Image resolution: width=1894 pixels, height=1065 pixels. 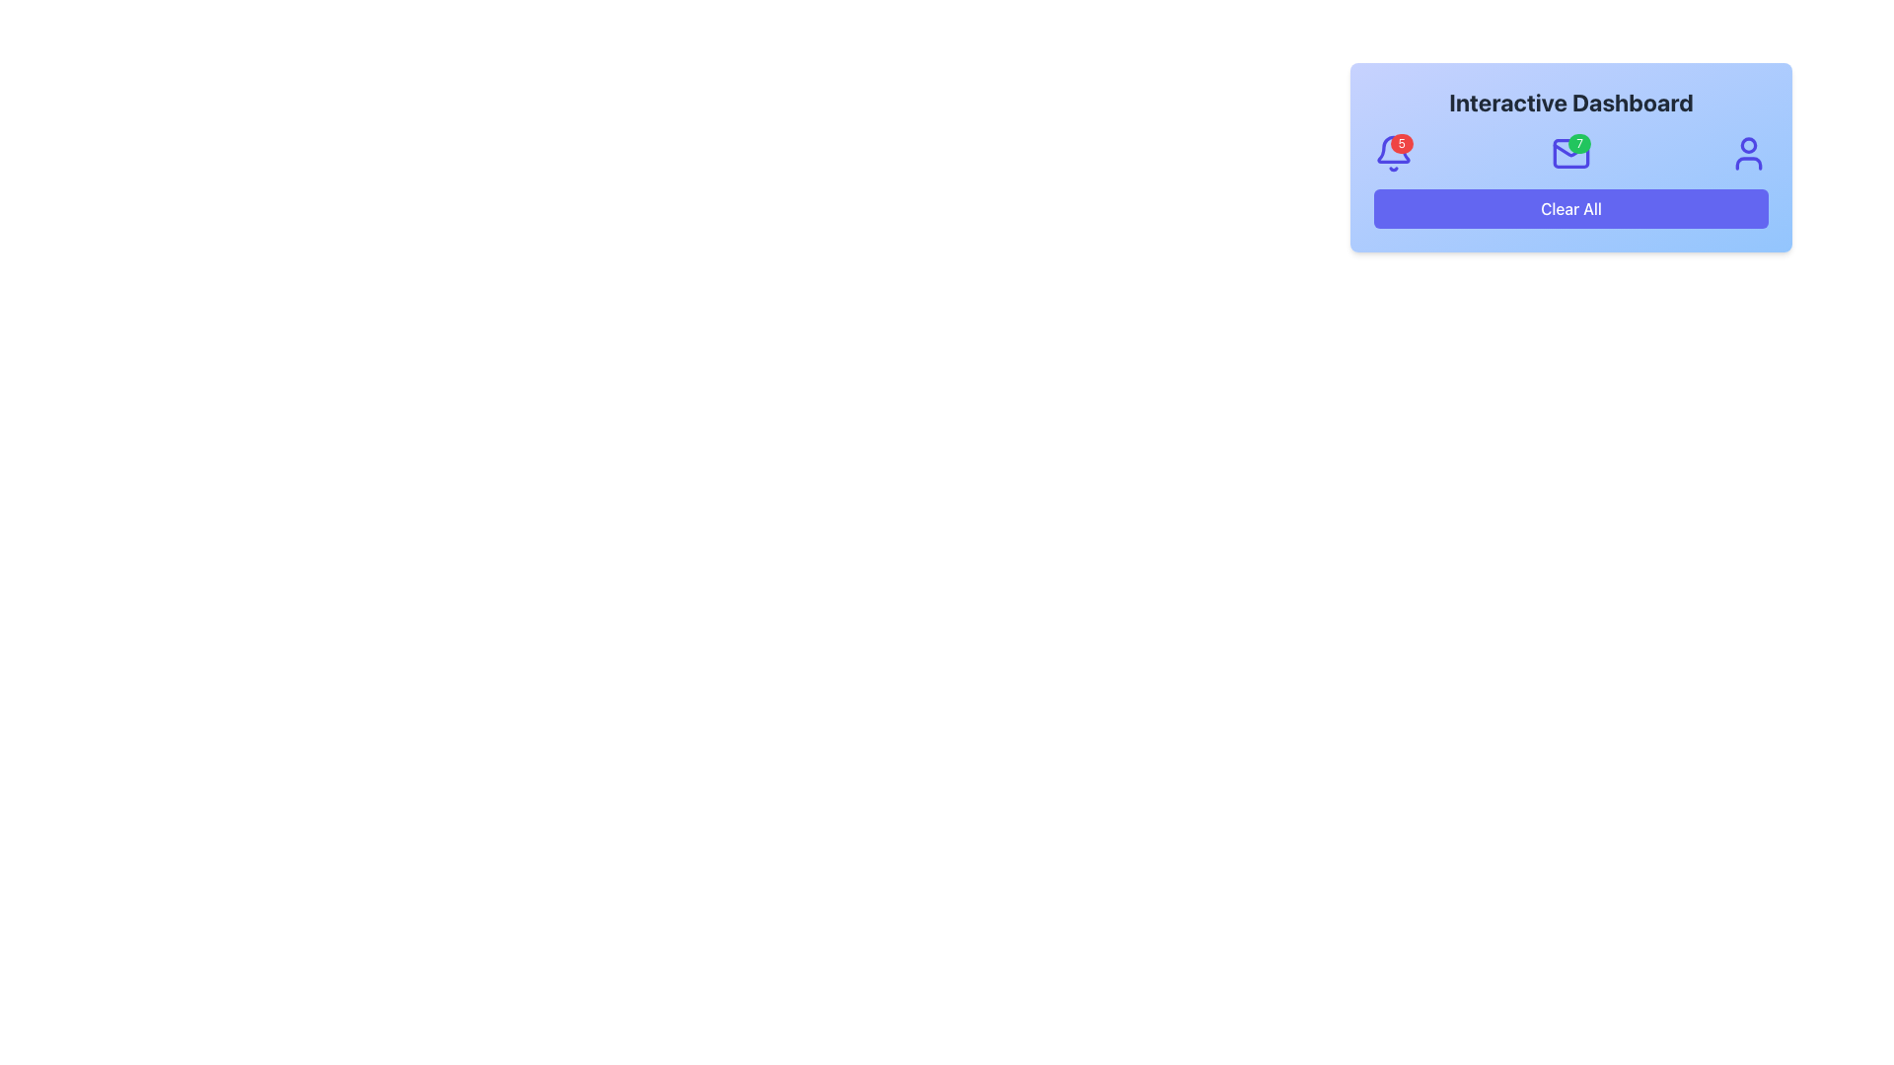 What do you see at coordinates (1570, 209) in the screenshot?
I see `the 'Clear All' button located at the bottom of the card` at bounding box center [1570, 209].